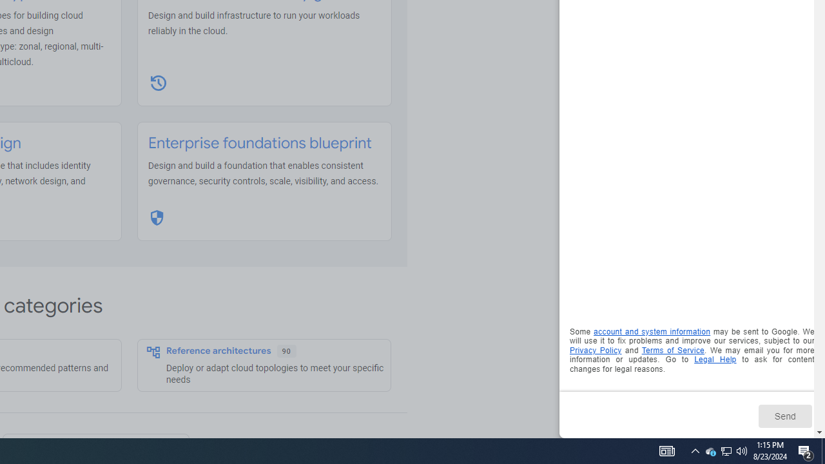 This screenshot has height=464, width=825. I want to click on 'Send', so click(784, 416).